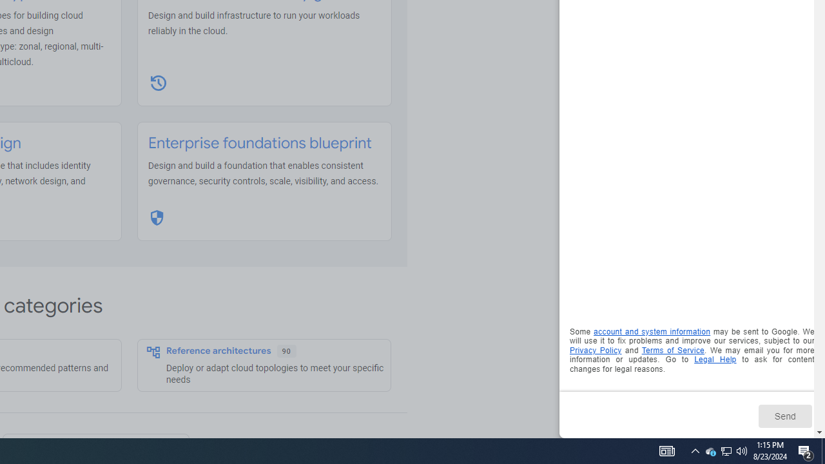 This screenshot has height=464, width=825. I want to click on 'Send', so click(784, 416).